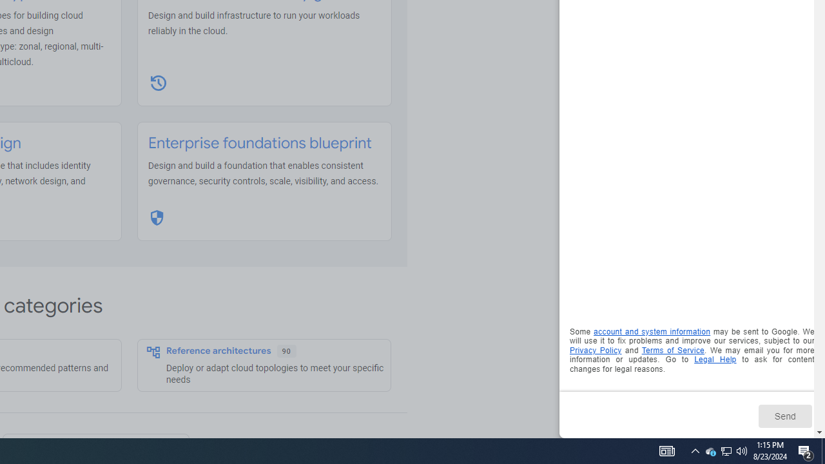 This screenshot has height=464, width=825. I want to click on 'Send', so click(784, 416).